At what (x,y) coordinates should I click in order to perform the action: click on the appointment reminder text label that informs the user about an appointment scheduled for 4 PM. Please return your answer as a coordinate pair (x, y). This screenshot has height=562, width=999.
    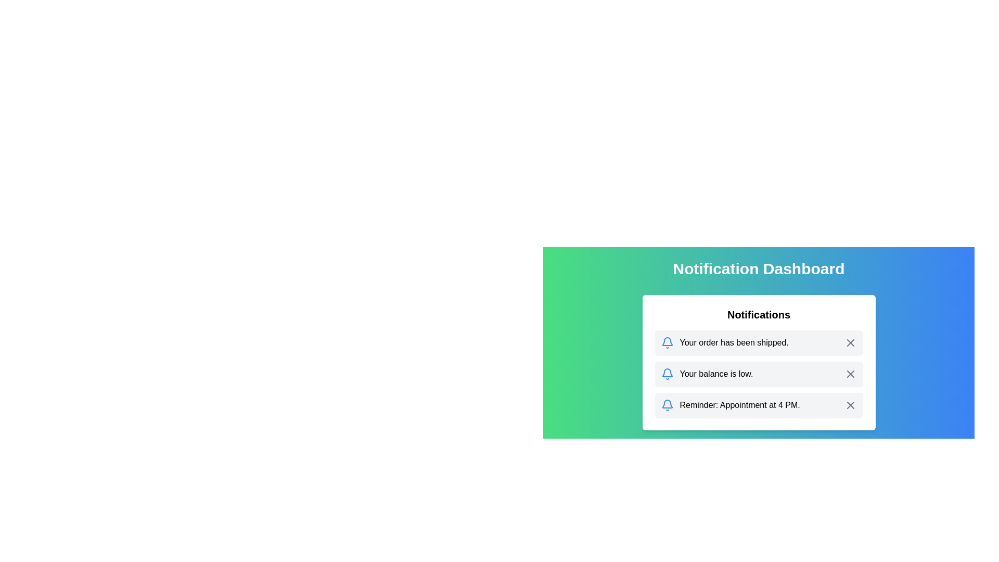
    Looking at the image, I should click on (739, 405).